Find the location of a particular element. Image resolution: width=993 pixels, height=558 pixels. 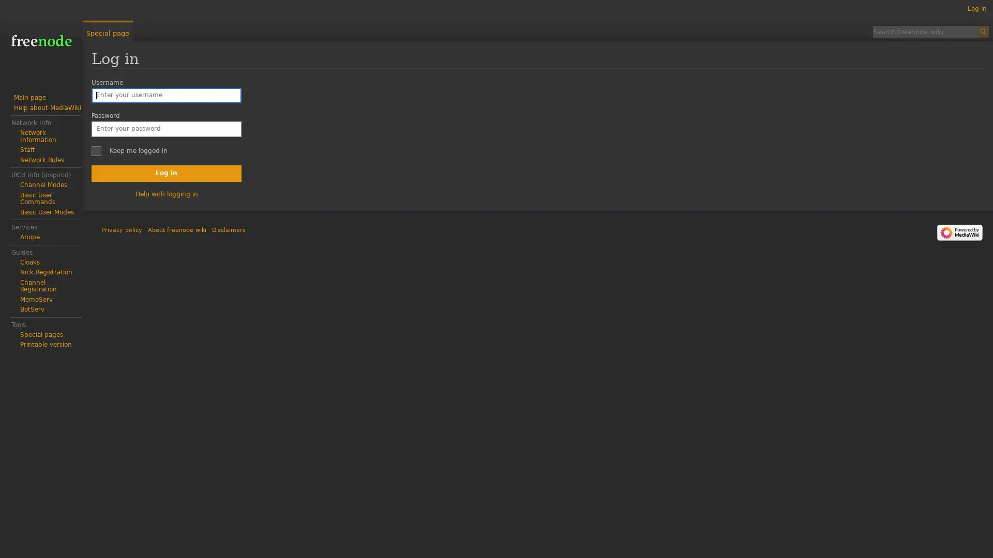

Go is located at coordinates (982, 31).